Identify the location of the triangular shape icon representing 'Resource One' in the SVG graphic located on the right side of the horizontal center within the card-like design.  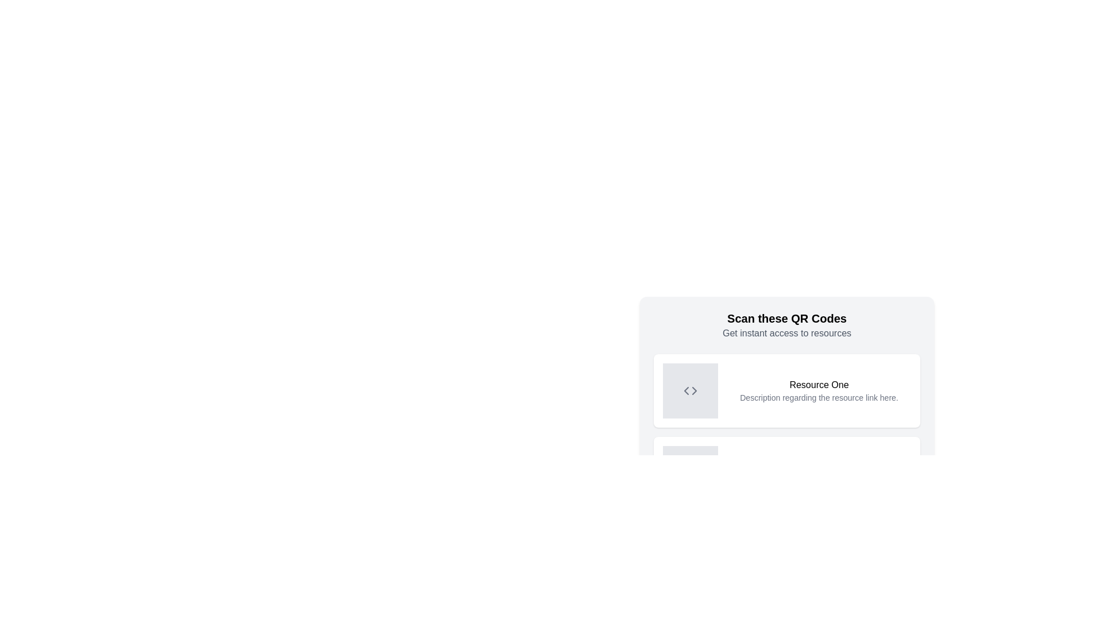
(694, 390).